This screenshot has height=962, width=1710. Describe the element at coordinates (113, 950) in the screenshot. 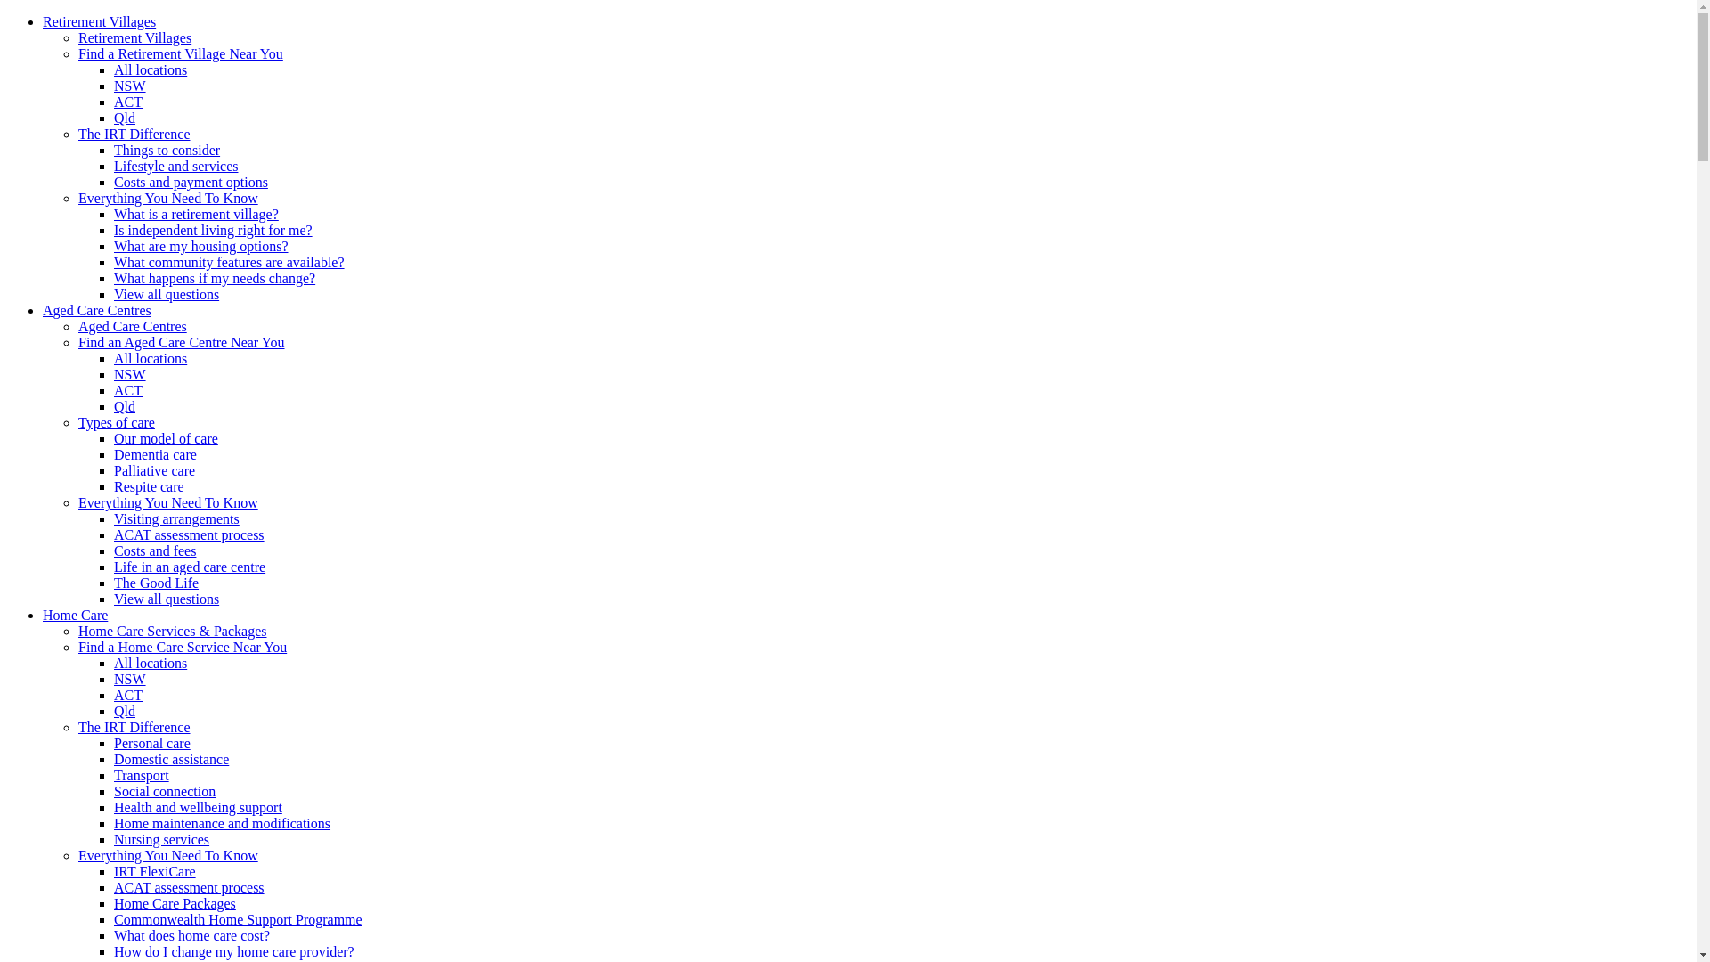

I see `'How do I change my home care provider?'` at that location.